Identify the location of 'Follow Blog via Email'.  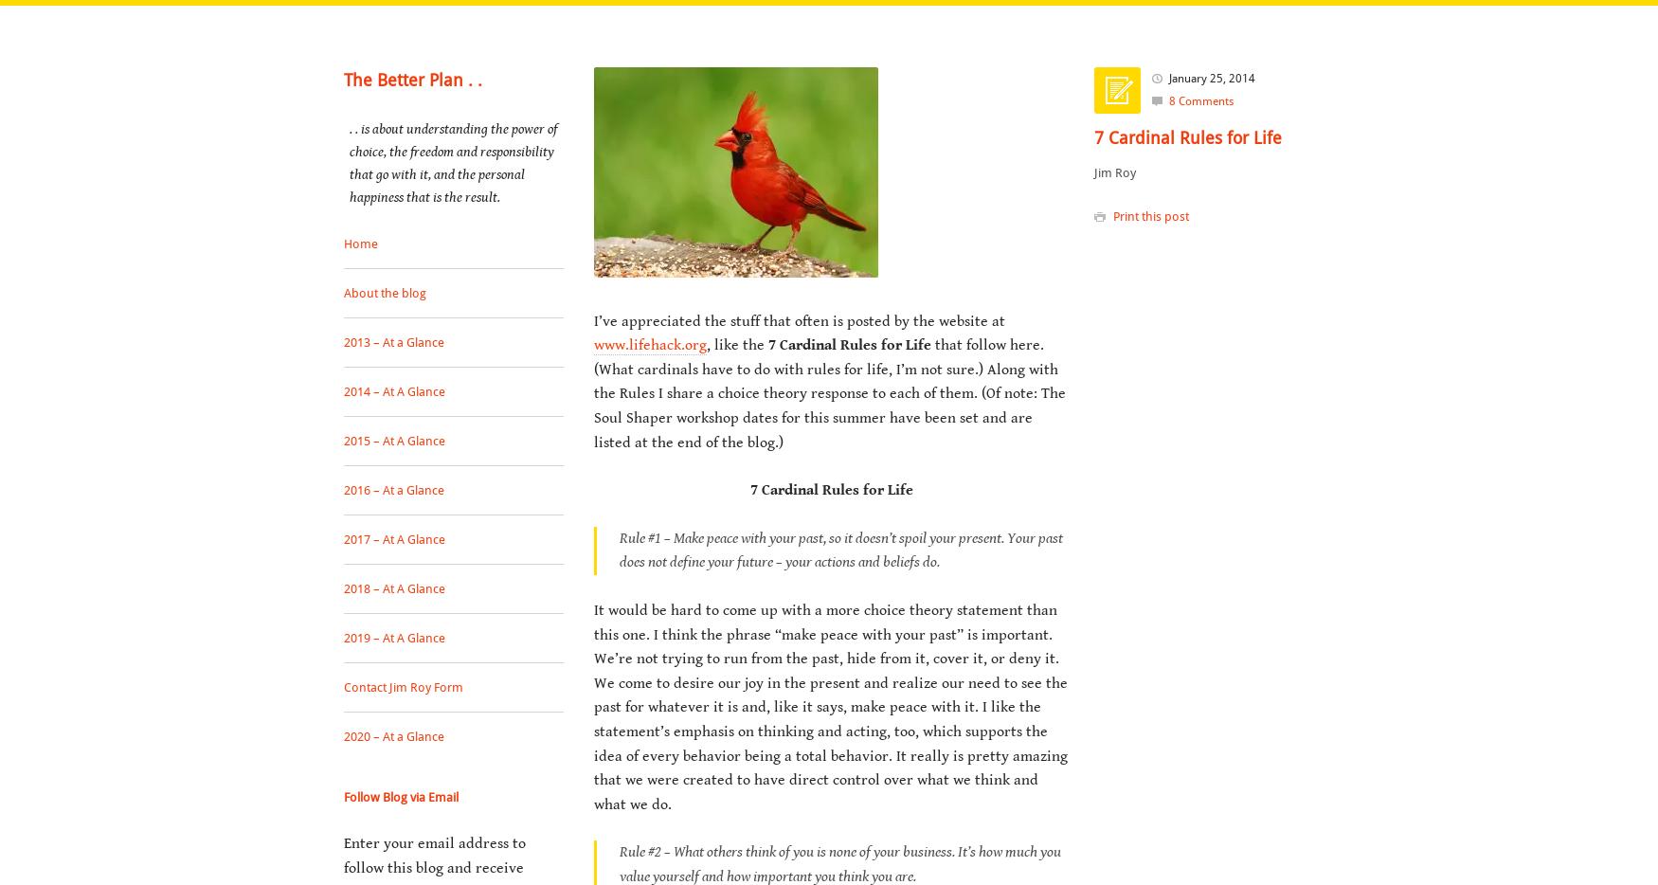
(400, 796).